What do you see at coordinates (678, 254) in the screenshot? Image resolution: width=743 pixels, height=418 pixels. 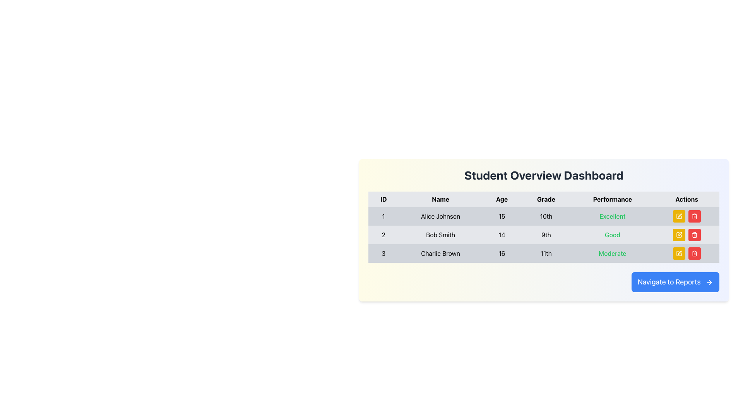 I see `the 'Edit' icon button located in the 'Actions' column of the third row in the 'Student Overview Dashboard' table` at bounding box center [678, 254].